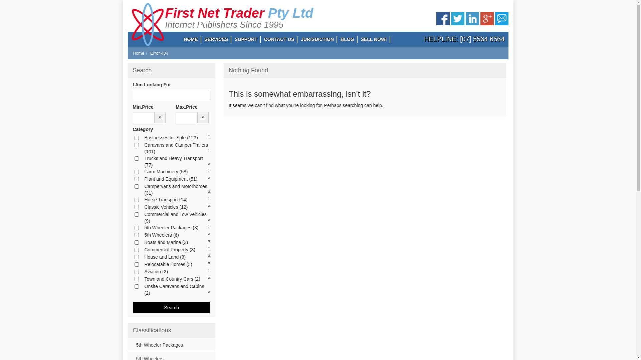 Image resolution: width=641 pixels, height=360 pixels. Describe the element at coordinates (246, 39) in the screenshot. I see `'SUPPORT'` at that location.